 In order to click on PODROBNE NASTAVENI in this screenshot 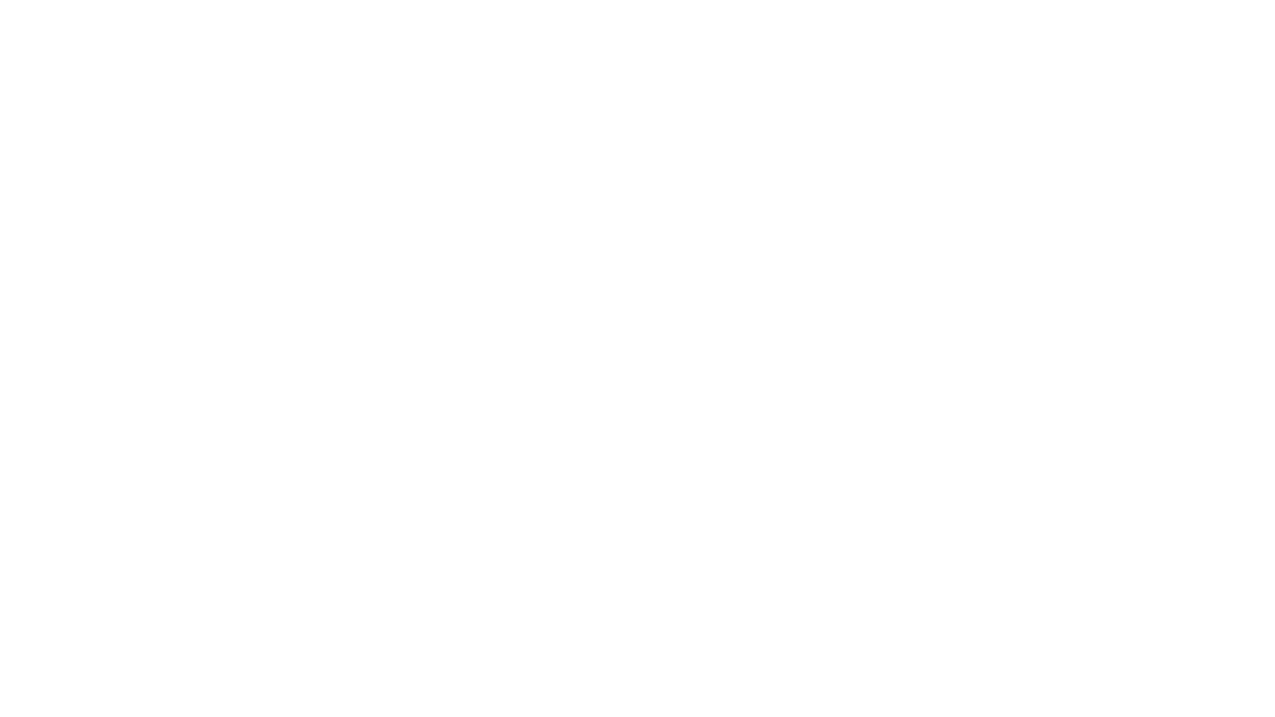, I will do `click(947, 690)`.